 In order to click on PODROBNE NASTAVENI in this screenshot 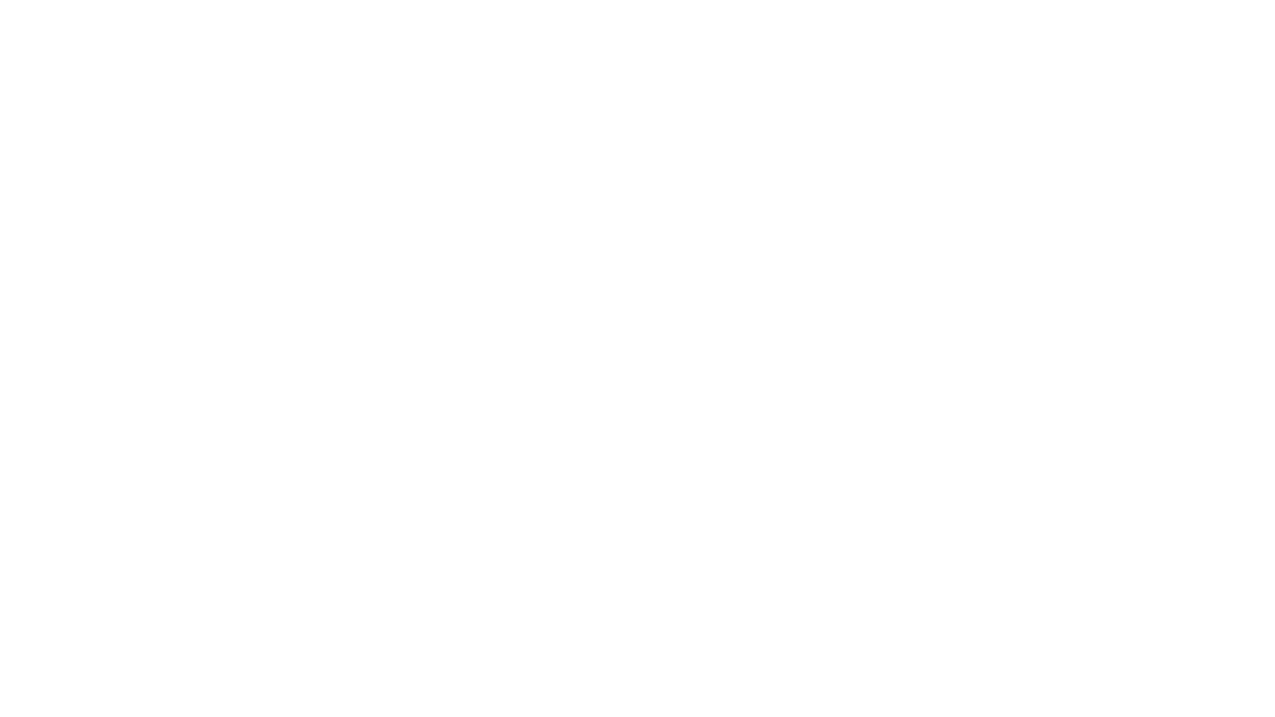, I will do `click(947, 690)`.